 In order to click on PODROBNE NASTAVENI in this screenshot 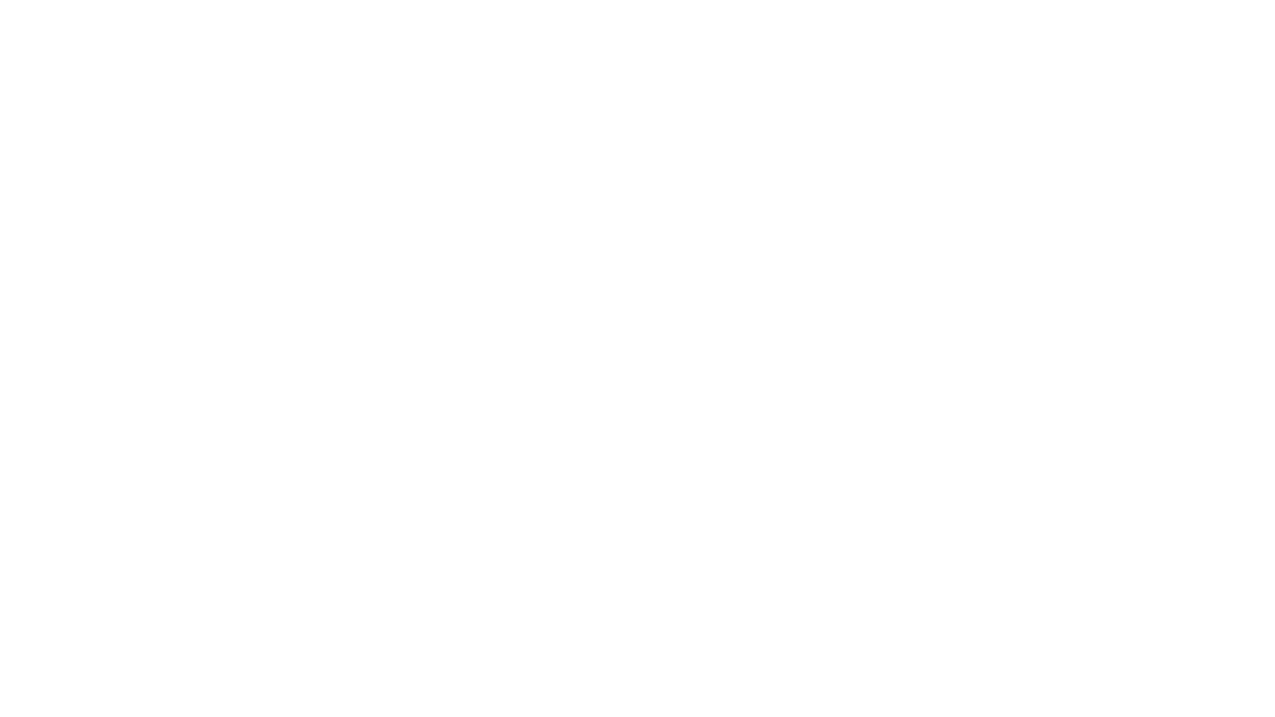, I will do `click(947, 690)`.